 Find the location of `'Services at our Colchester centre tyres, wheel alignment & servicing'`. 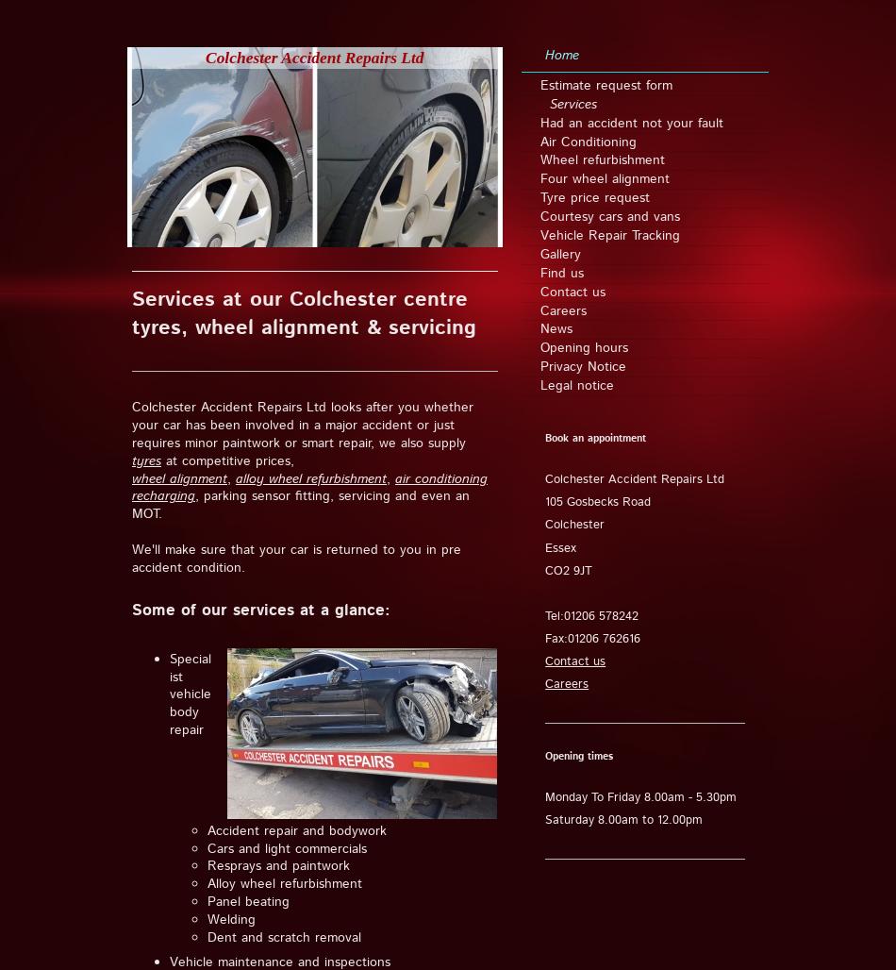

'Services at our Colchester centre tyres, wheel alignment & servicing' is located at coordinates (132, 311).